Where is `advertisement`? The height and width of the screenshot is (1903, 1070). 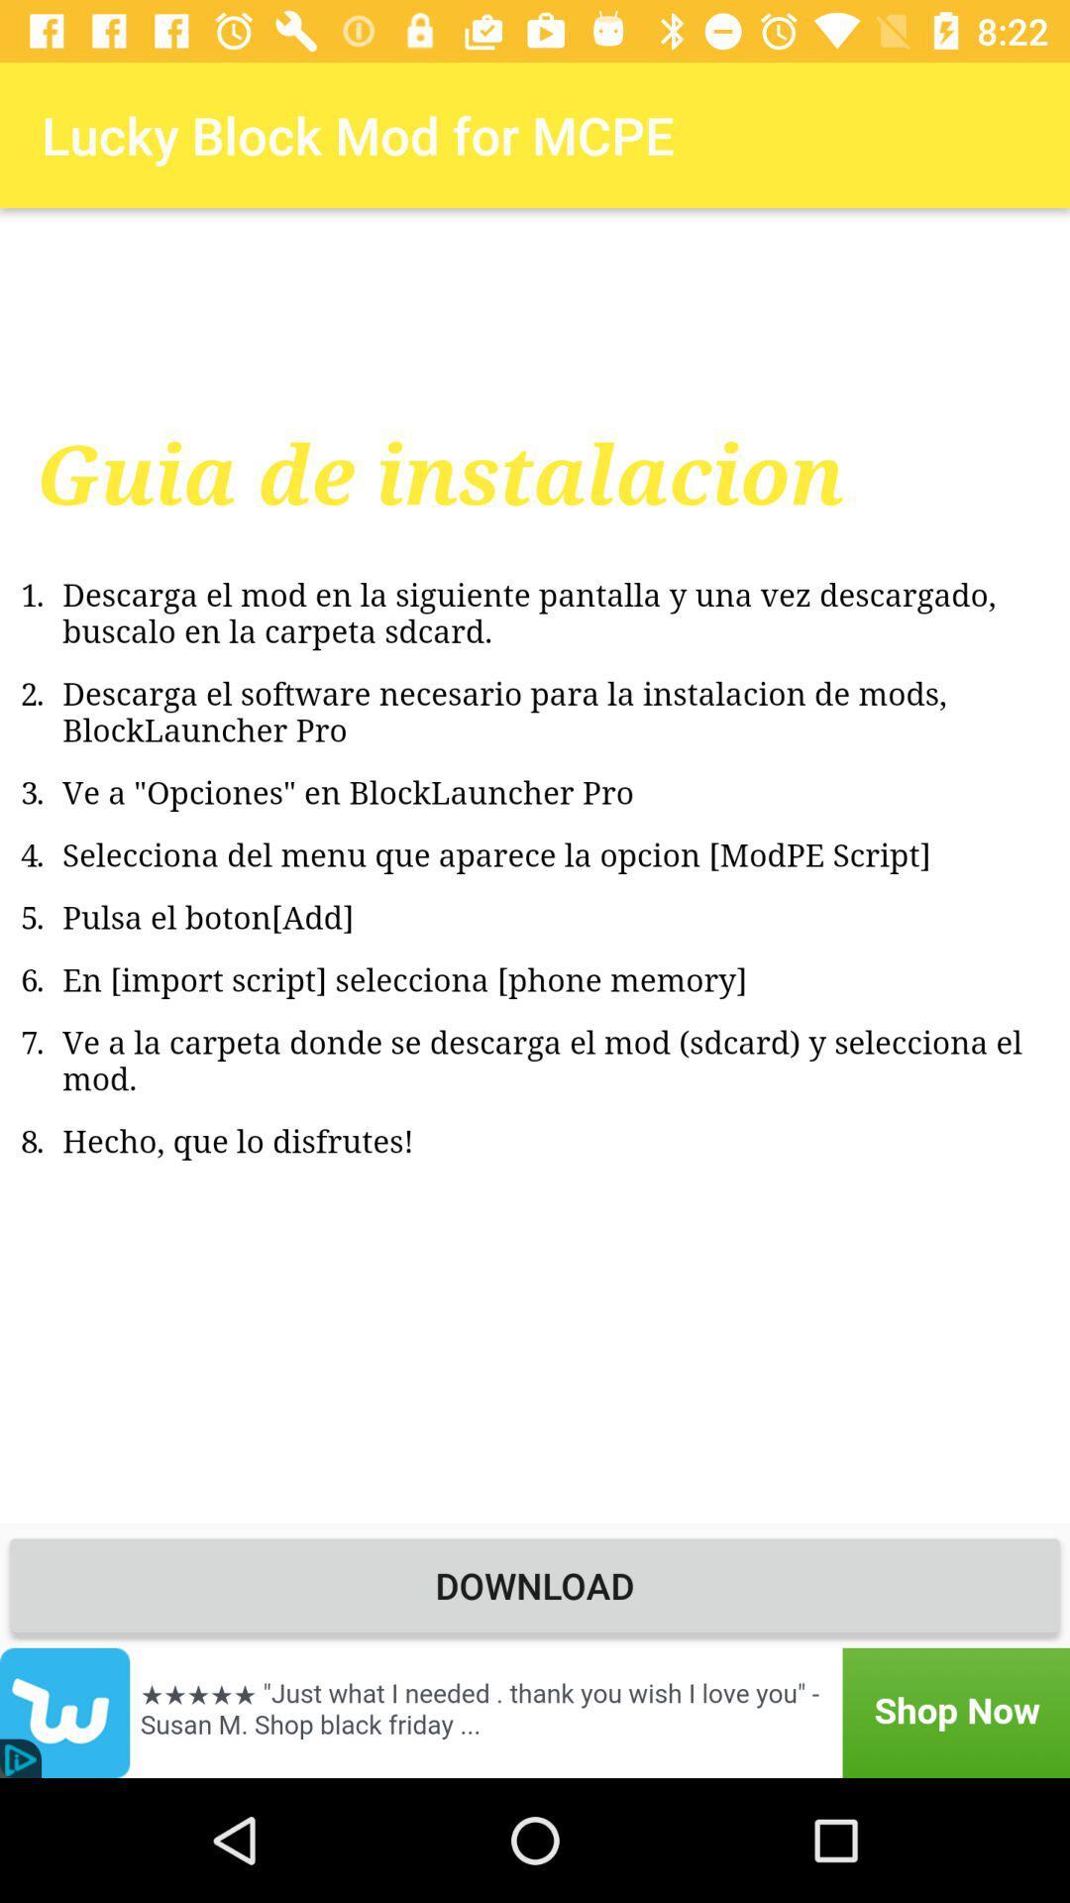 advertisement is located at coordinates (535, 1712).